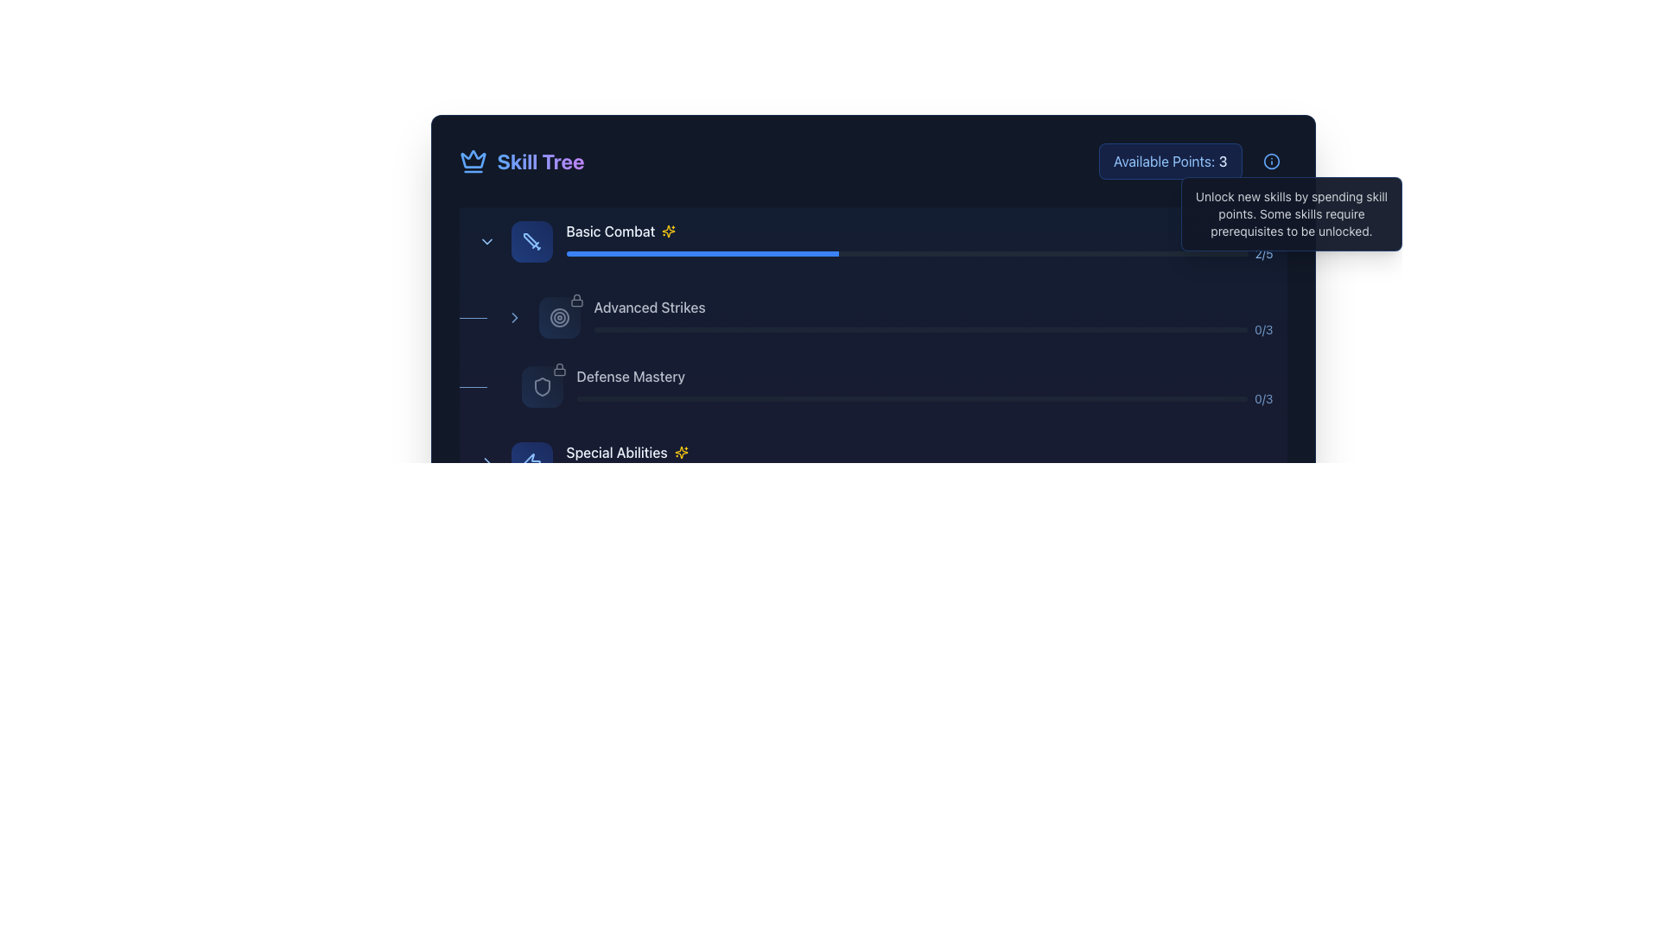 The image size is (1659, 933). What do you see at coordinates (541, 385) in the screenshot?
I see `the 'Defense Mastery' skill icon, which is the third icon in the vertical list of skill-related icons, located between 'Advanced Strikes' and 'Special Abilities'` at bounding box center [541, 385].